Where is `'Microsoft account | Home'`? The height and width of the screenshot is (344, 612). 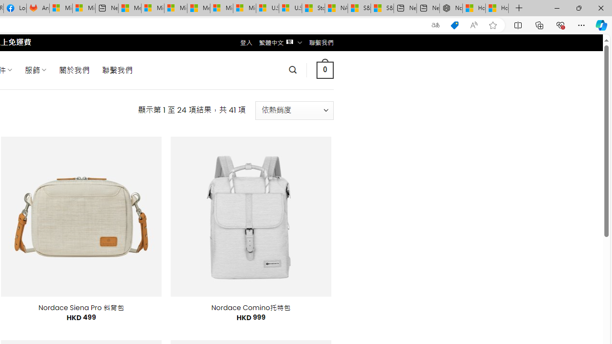
'Microsoft account | Home' is located at coordinates (175, 8).